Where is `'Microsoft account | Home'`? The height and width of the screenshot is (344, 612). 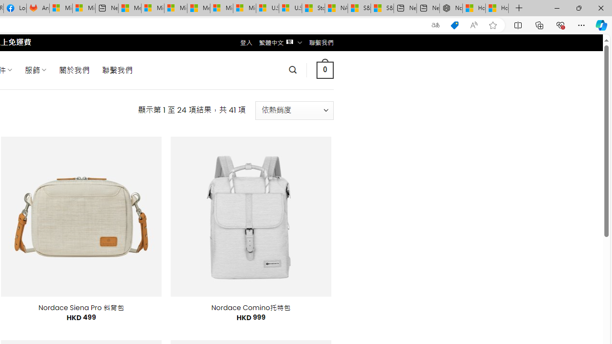
'Microsoft account | Home' is located at coordinates (175, 8).